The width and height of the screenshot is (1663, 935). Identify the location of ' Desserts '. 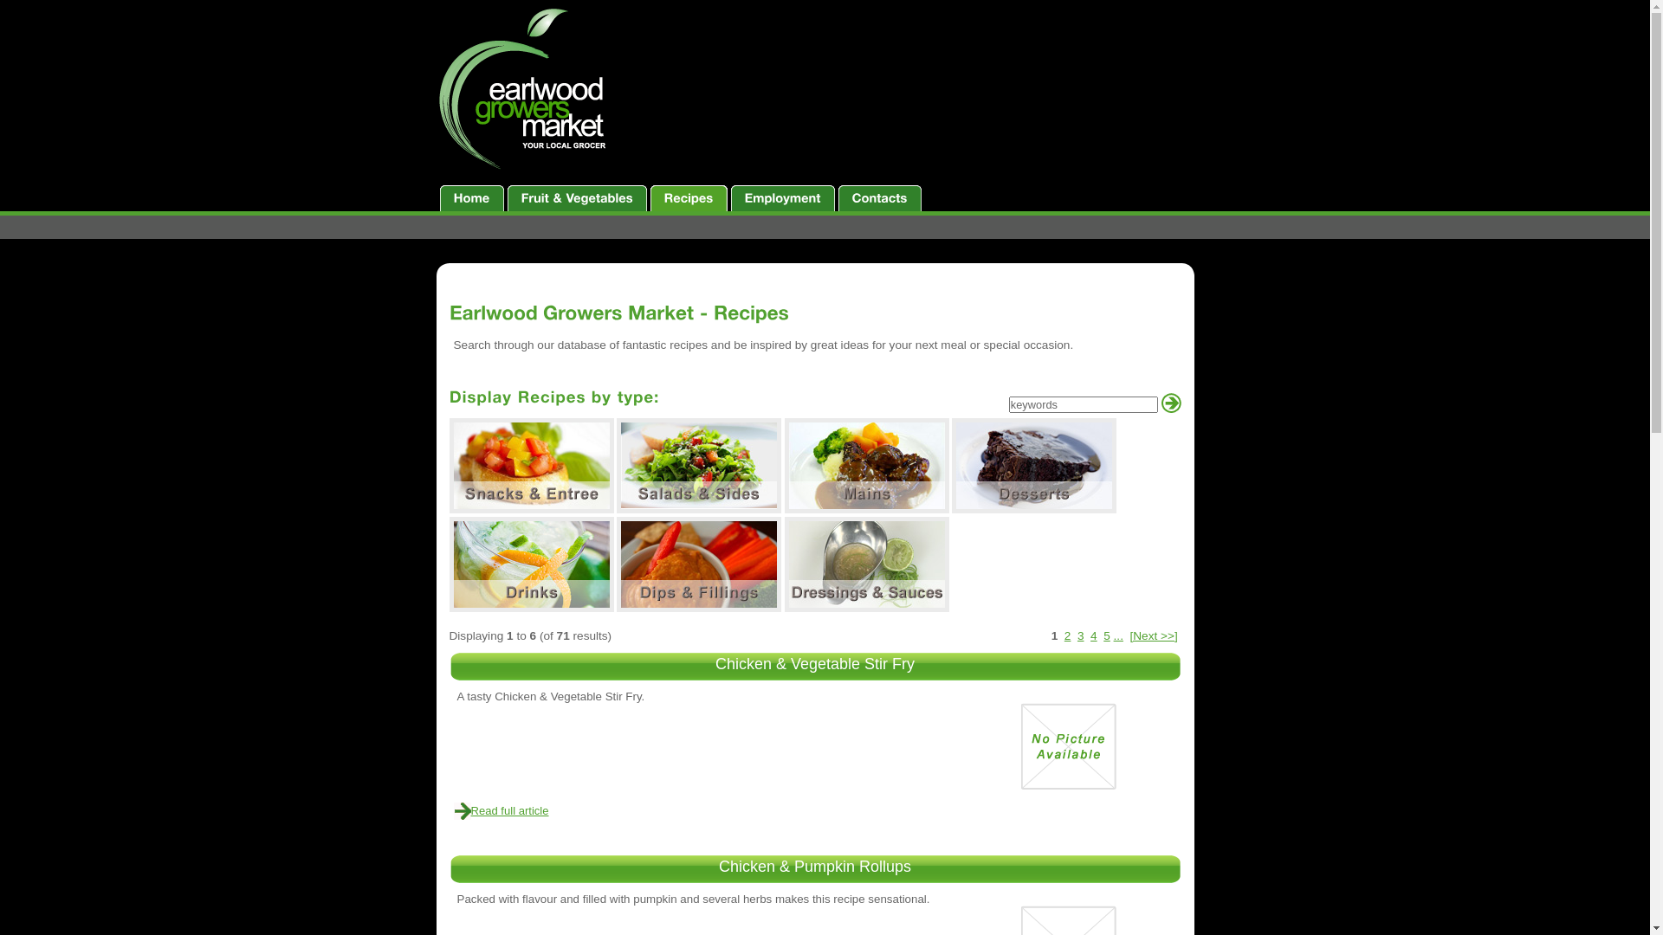
(1034, 464).